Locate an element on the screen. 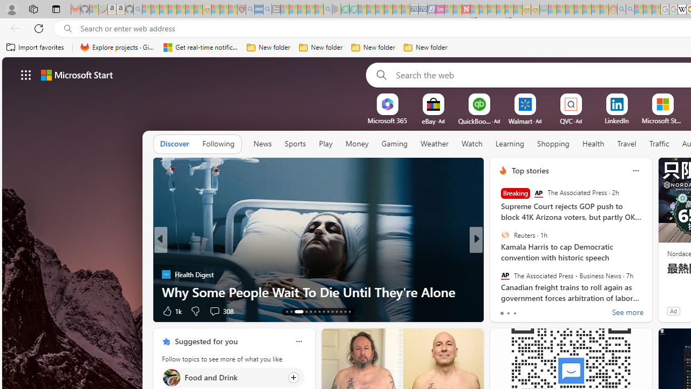  'AutomationID: tab-26' is located at coordinates (349, 312).